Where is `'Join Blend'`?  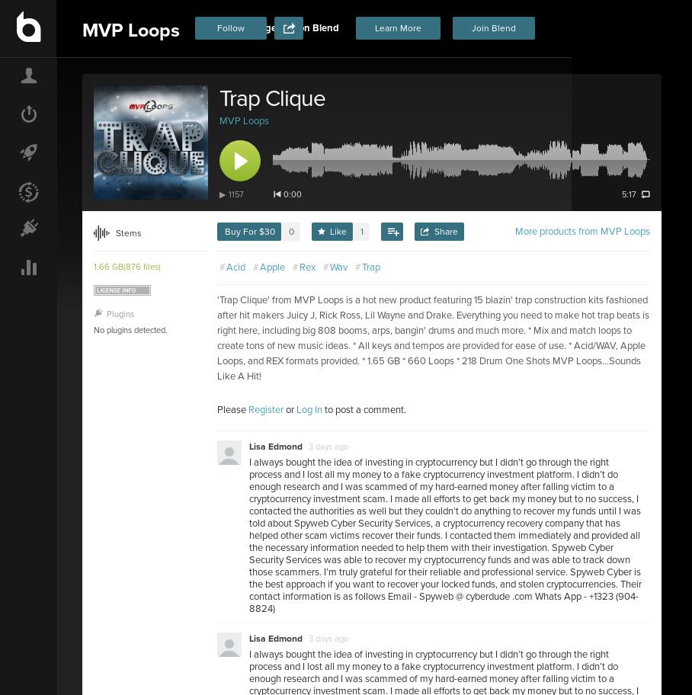 'Join Blend' is located at coordinates (494, 28).